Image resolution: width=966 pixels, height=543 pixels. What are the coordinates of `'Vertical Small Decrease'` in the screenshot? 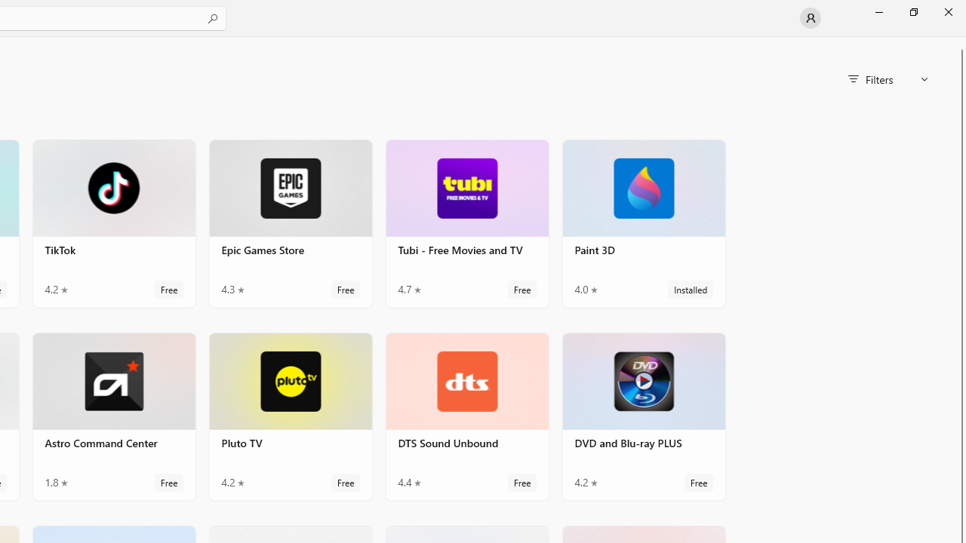 It's located at (959, 41).